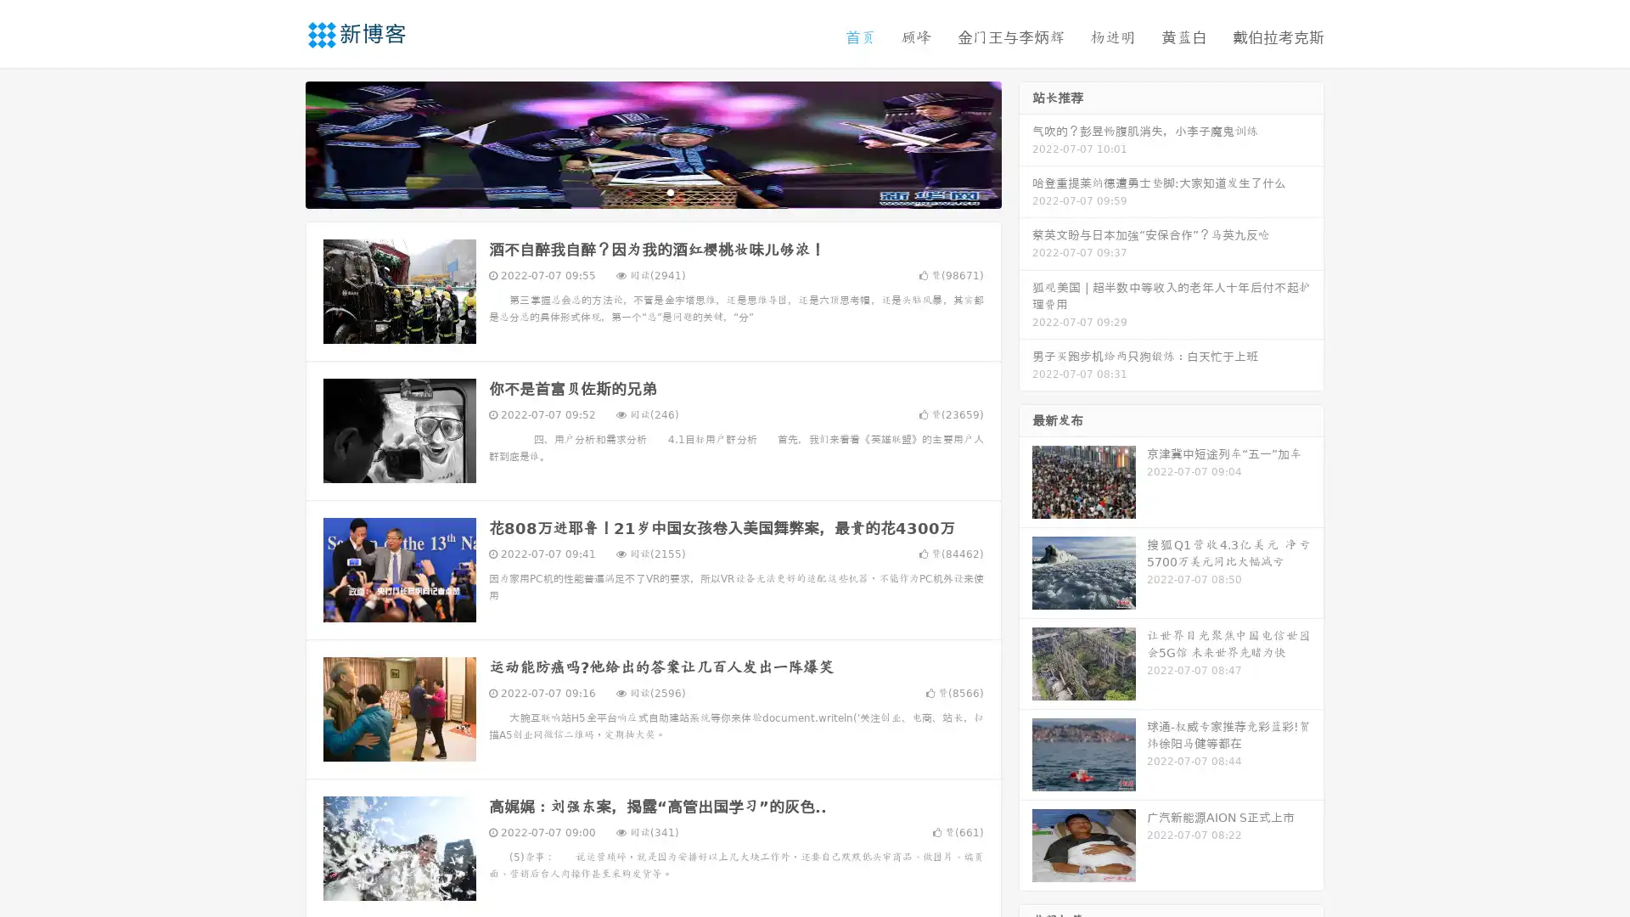  Describe the element at coordinates (280, 143) in the screenshot. I see `Previous slide` at that location.